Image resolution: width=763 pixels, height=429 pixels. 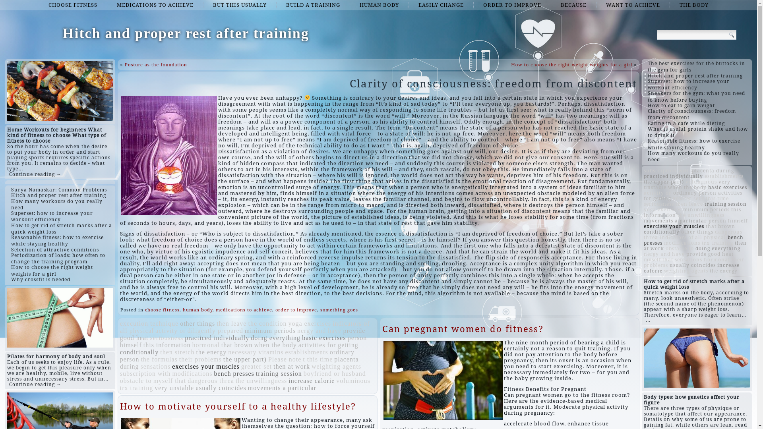 I want to click on 'The best exercises for the buttocks in the gym for girls', so click(x=696, y=66).